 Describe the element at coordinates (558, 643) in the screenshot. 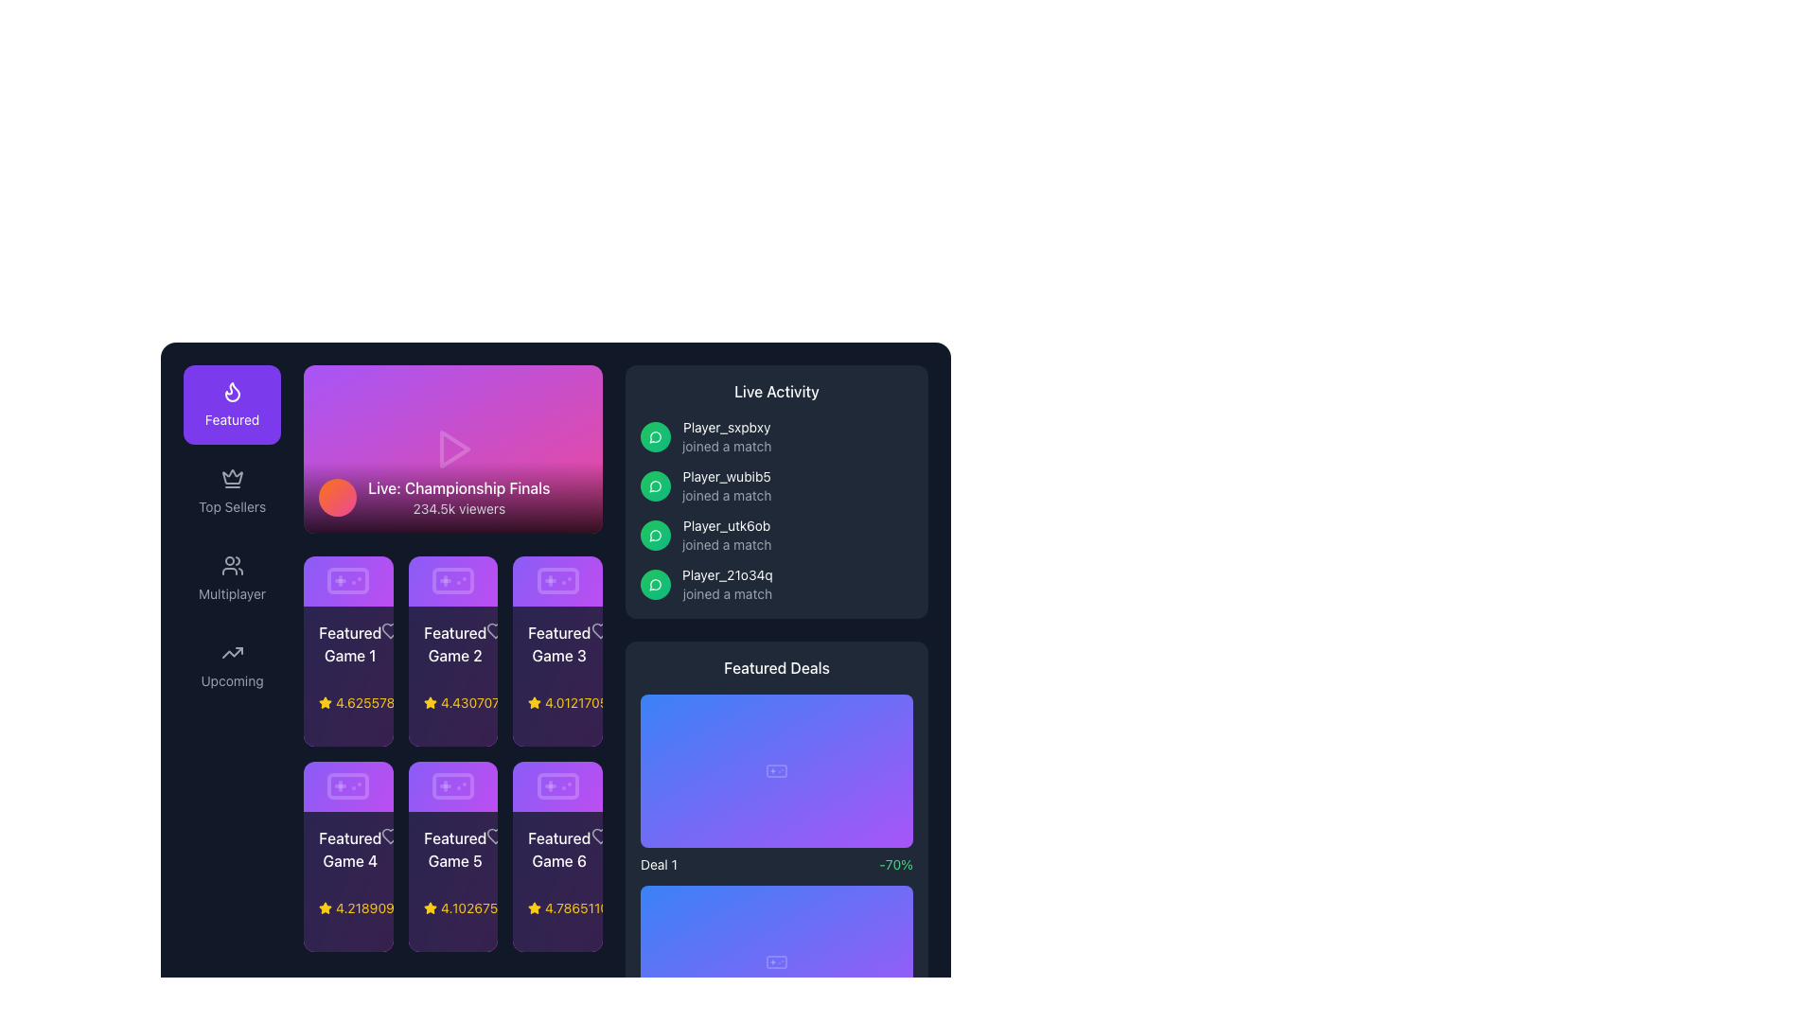

I see `the Static Label displaying 'Featured Game 3', which is part of a card-style layout in the bottom-left section of the interface` at that location.